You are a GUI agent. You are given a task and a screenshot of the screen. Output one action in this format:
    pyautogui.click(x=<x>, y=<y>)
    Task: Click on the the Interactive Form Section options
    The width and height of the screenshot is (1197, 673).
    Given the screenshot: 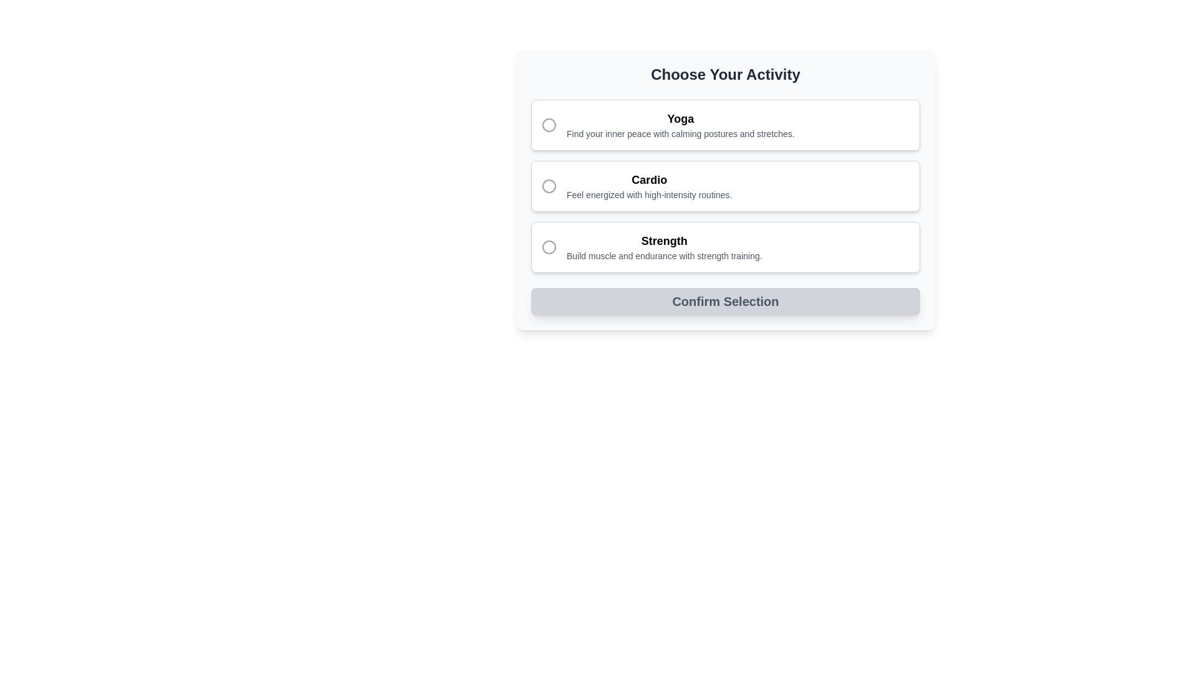 What is the action you would take?
    pyautogui.click(x=725, y=189)
    